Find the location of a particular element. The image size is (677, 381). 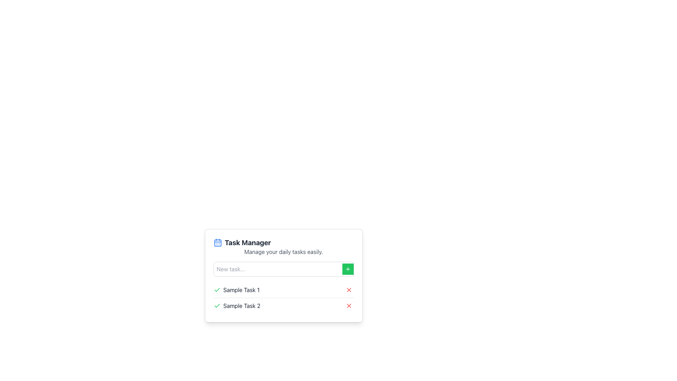

the small red cross-shaped icon used for delete or close action associated with 'Sample Task 1' is located at coordinates (349, 290).